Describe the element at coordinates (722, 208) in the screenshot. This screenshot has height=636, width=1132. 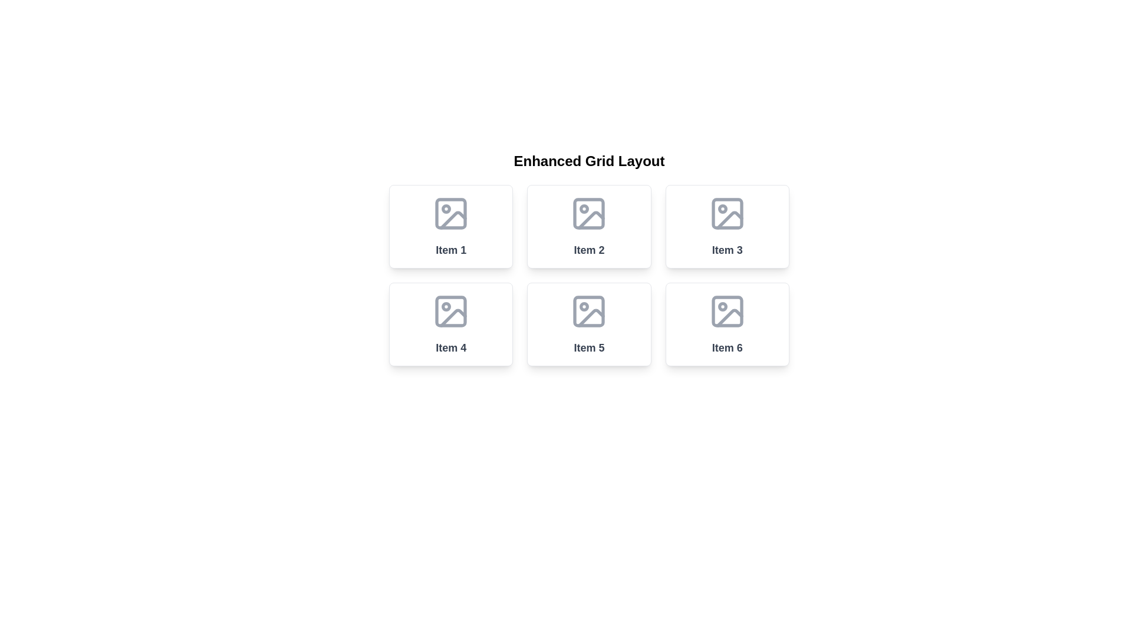
I see `the small circular shape within the 'Item 3' image icon, which is visually distinct with a solid fill color` at that location.